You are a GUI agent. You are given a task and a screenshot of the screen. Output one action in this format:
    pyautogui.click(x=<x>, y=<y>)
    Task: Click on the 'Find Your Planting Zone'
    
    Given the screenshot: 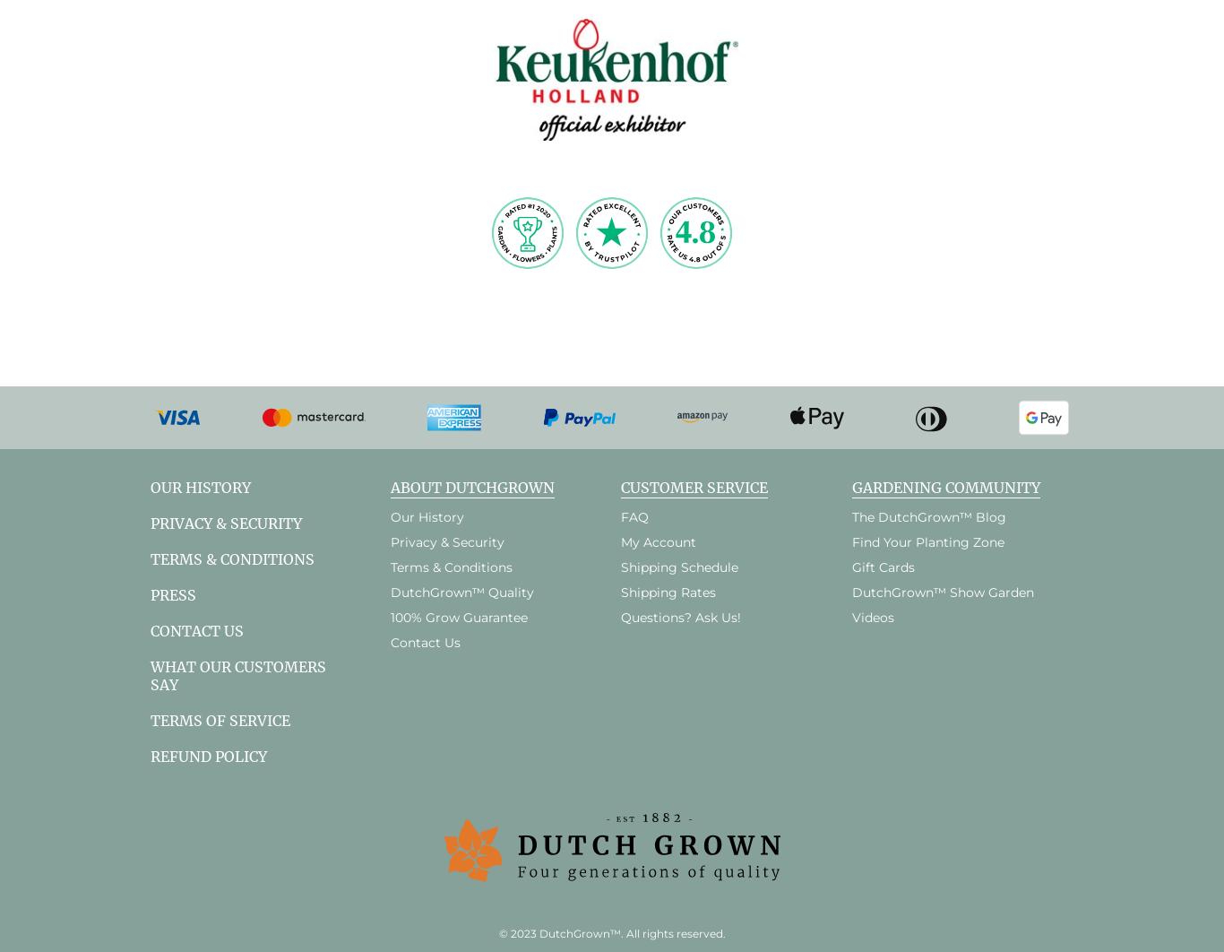 What is the action you would take?
    pyautogui.click(x=927, y=541)
    